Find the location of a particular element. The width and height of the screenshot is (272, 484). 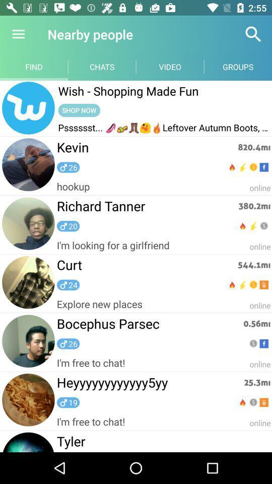

click on profile is located at coordinates (28, 108).